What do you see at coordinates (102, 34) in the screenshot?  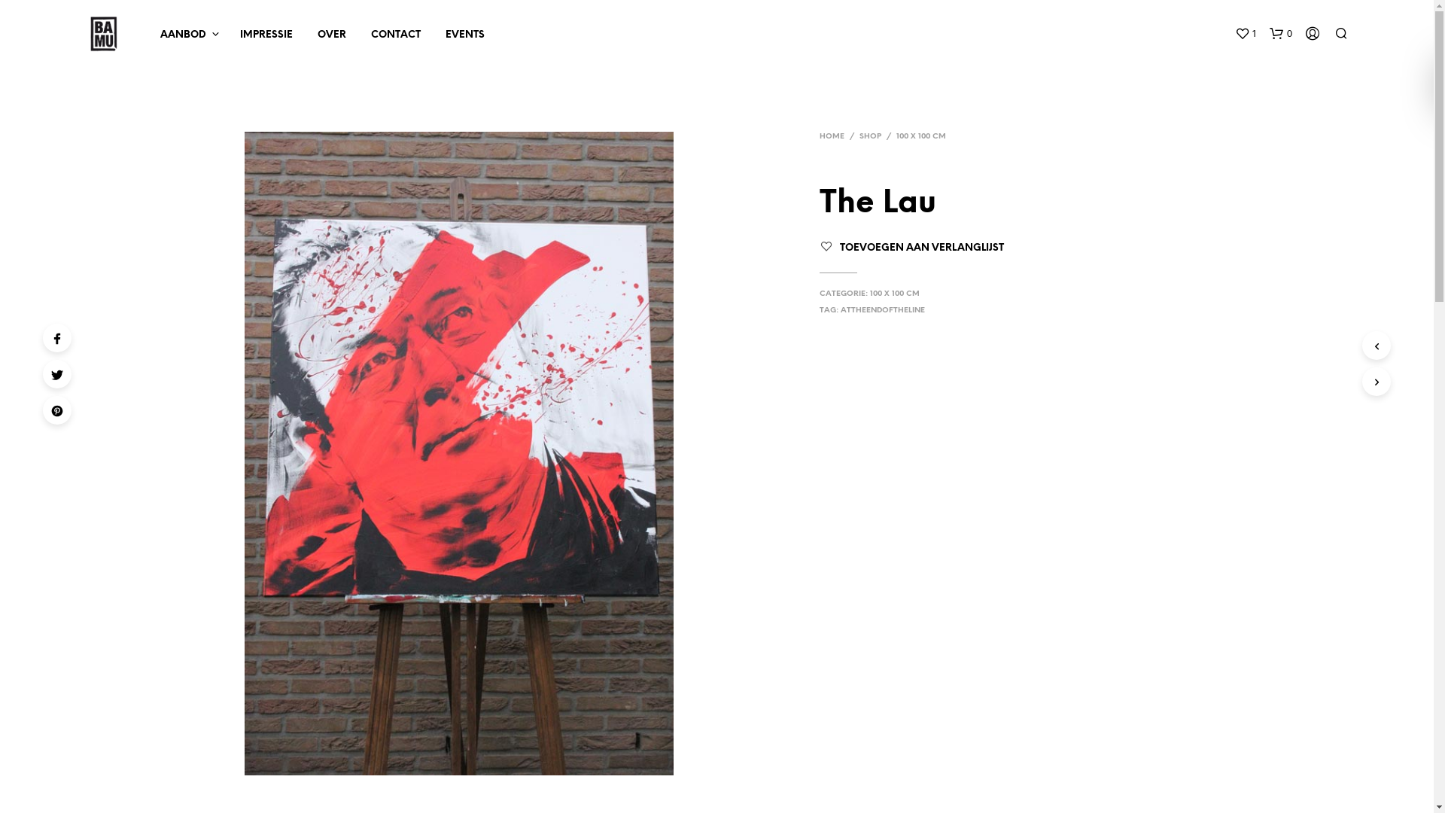 I see `'Soms retro, altijd vintage'` at bounding box center [102, 34].